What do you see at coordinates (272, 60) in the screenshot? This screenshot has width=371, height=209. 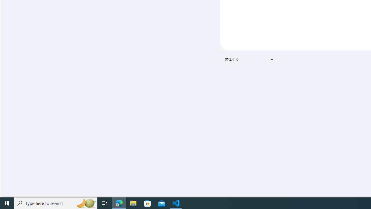 I see `'Class: VfPpkd-t08AT-Bz112c-Bd00G'` at bounding box center [272, 60].